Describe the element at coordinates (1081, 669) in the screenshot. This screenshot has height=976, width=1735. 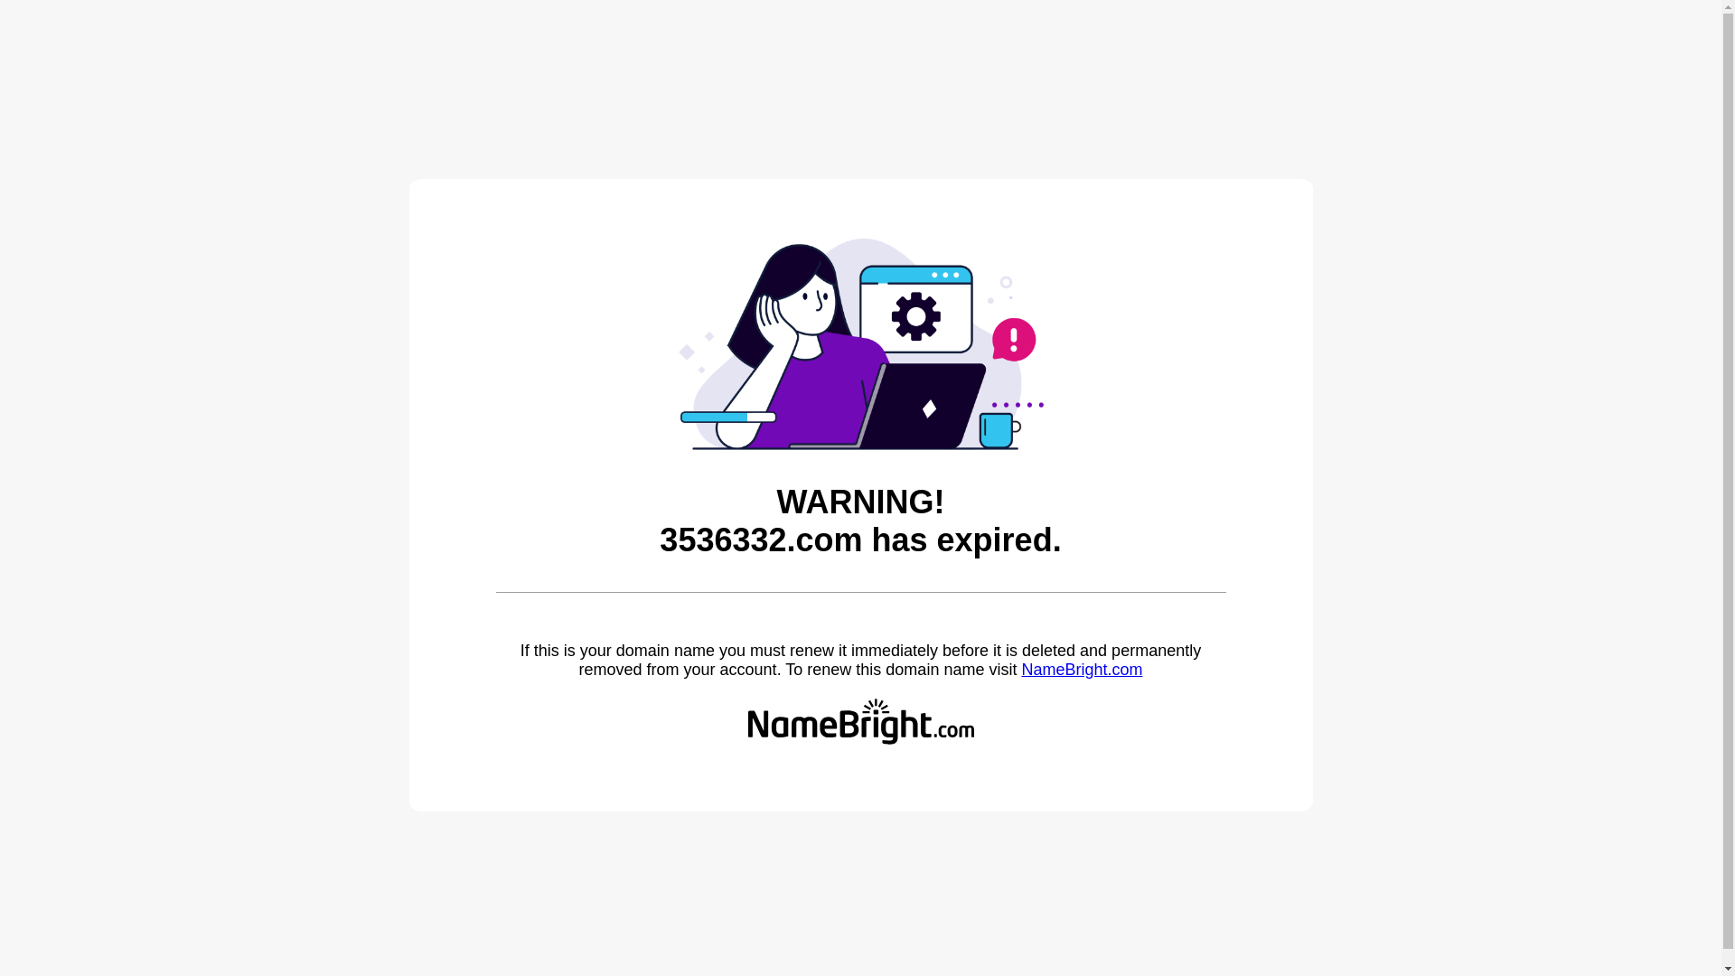
I see `'NameBright.com'` at that location.